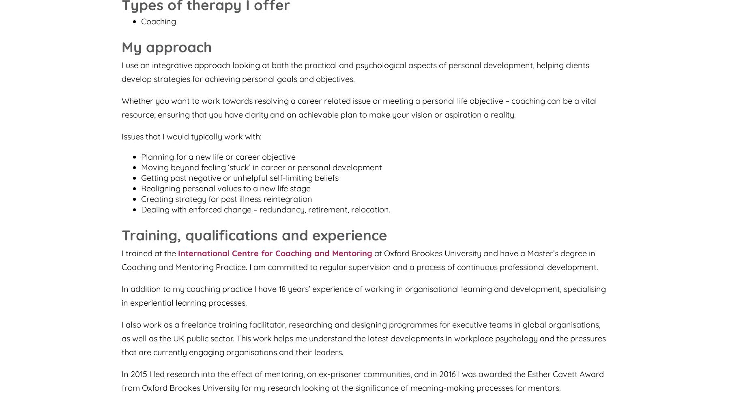 This screenshot has height=405, width=730. What do you see at coordinates (226, 199) in the screenshot?
I see `'Creating strategy for post illness reintegration'` at bounding box center [226, 199].